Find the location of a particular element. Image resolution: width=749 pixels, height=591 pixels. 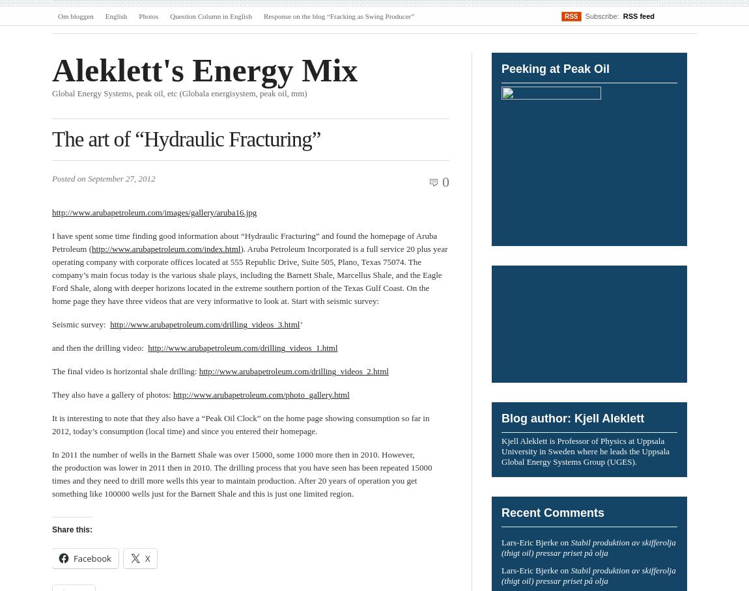

'Aleklett's Energy Mix' is located at coordinates (51, 69).